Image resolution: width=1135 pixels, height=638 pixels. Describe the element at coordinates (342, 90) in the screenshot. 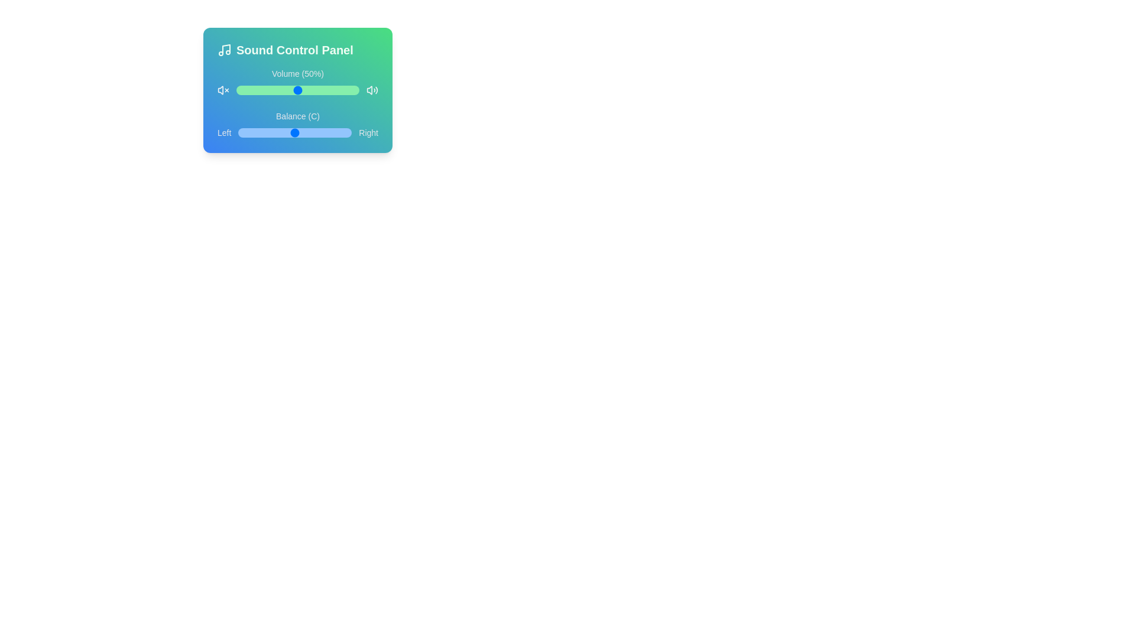

I see `the volume level` at that location.